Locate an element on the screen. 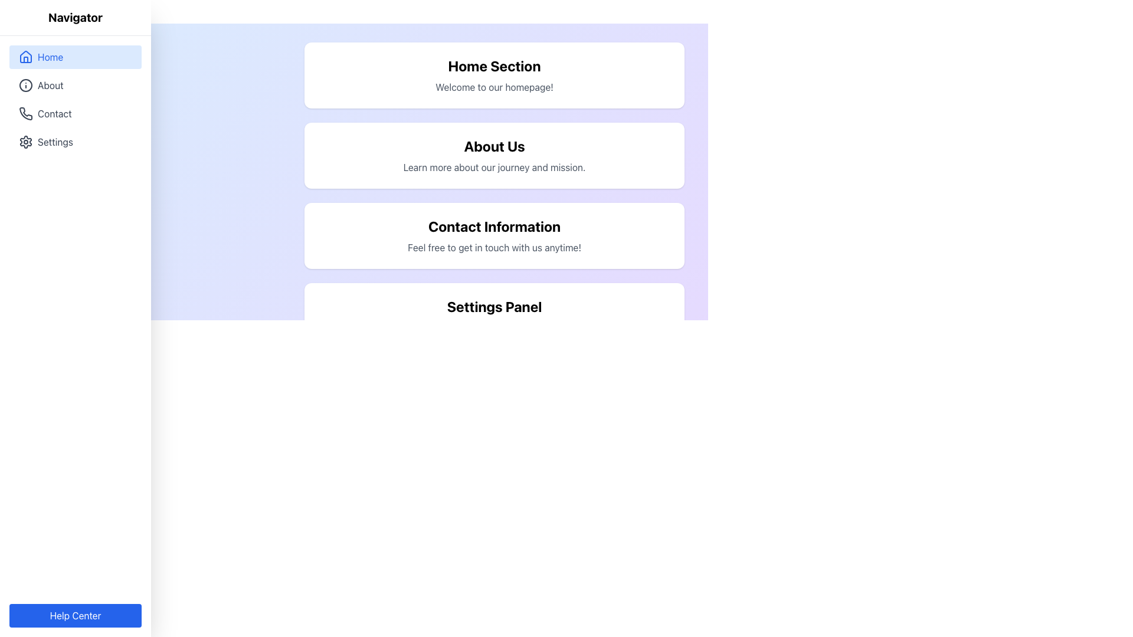  the 'About' text label in the left-side vertical navigation panel, which is located between 'Home' and 'Contact' is located at coordinates (50, 85).